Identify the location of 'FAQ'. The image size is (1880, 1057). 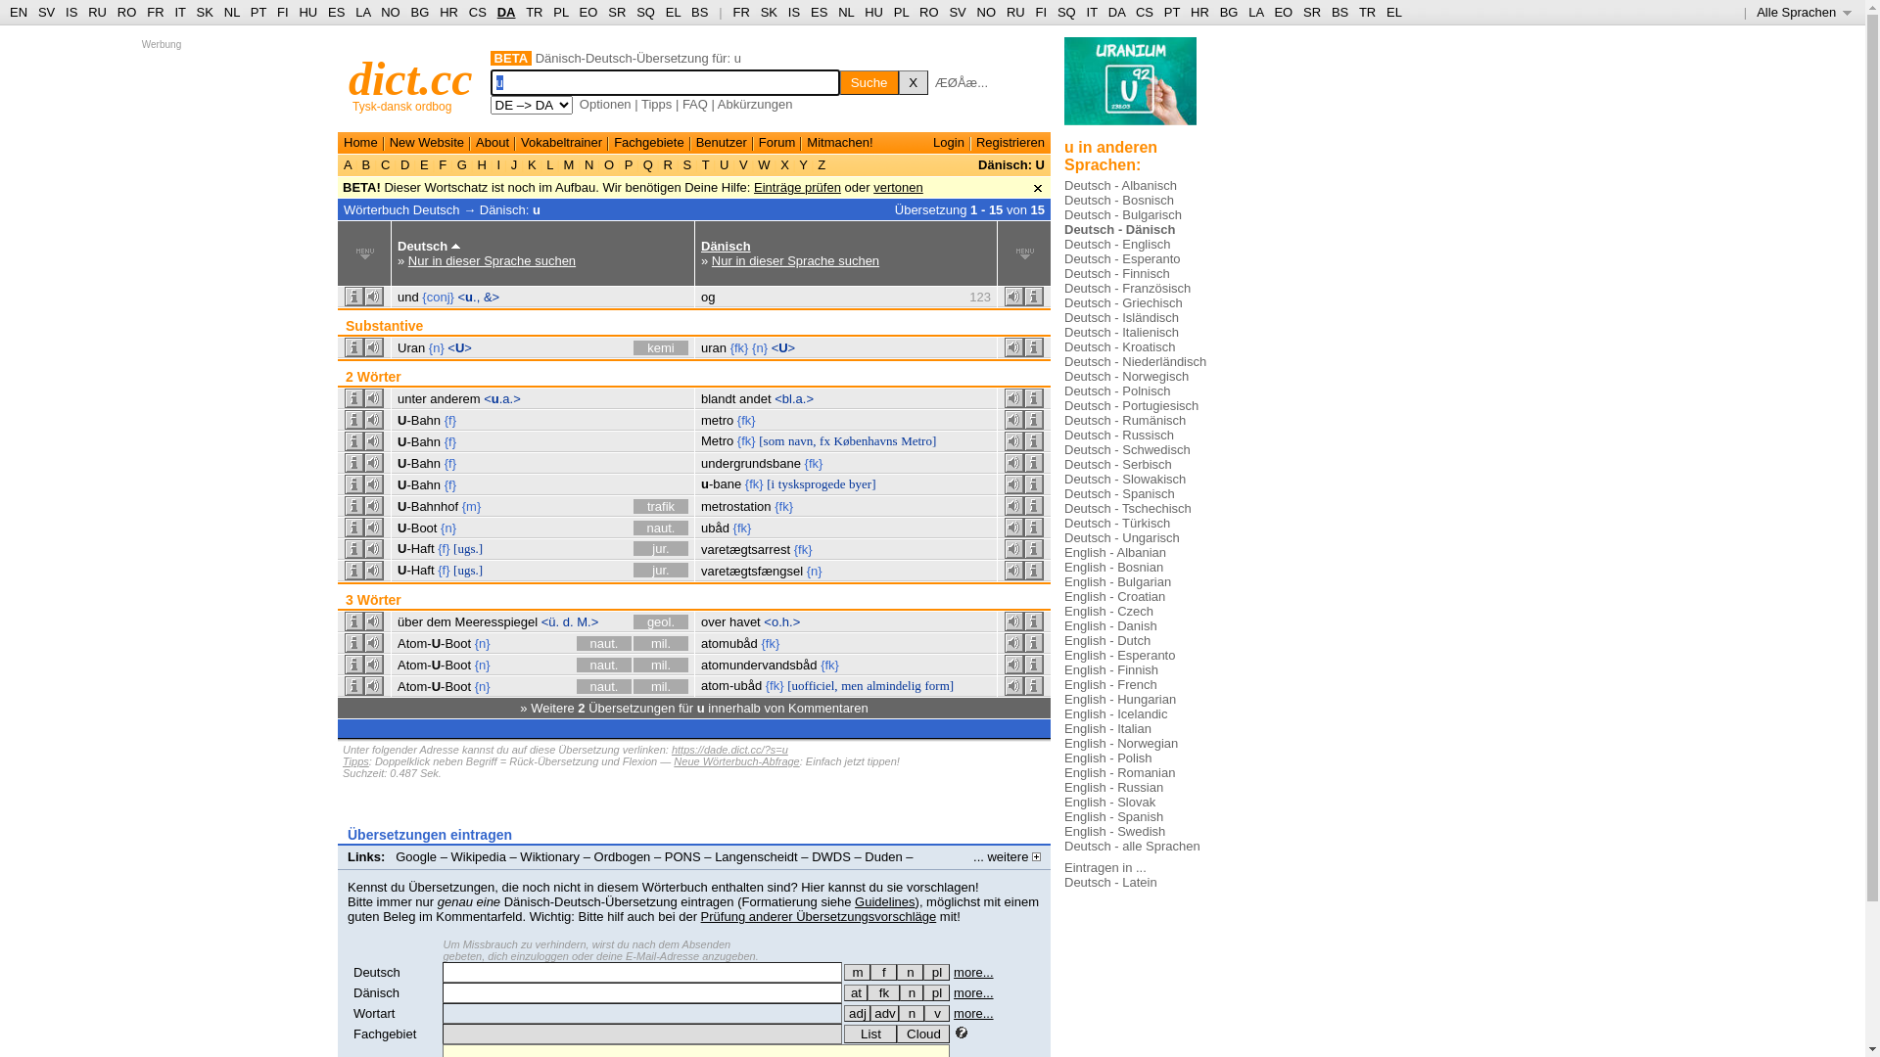
(695, 104).